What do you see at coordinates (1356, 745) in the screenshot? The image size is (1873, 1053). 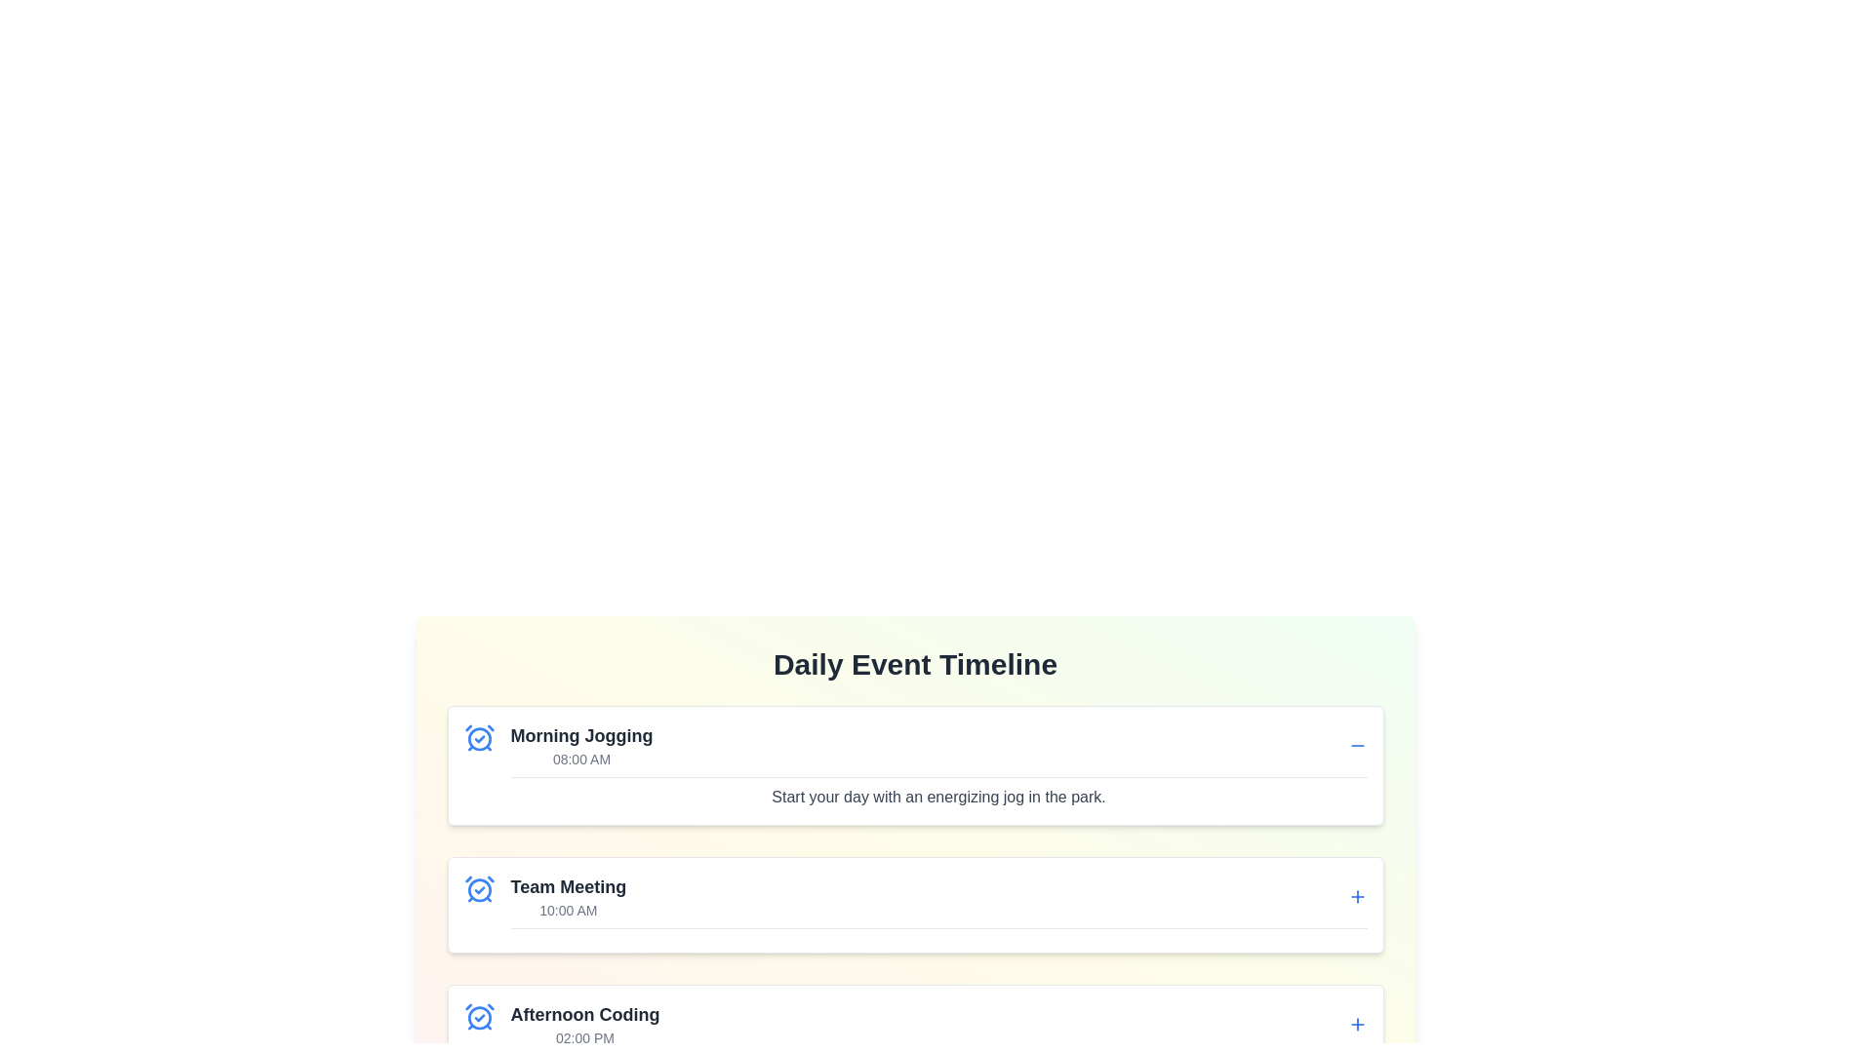 I see `the minus icon located in the top-right corner of the 'Morning Jogging' card` at bounding box center [1356, 745].